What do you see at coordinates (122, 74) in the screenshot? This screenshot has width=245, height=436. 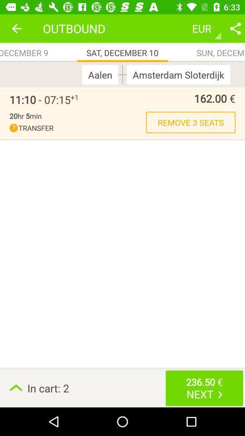 I see `item next to amsterdam sloterdijk icon` at bounding box center [122, 74].